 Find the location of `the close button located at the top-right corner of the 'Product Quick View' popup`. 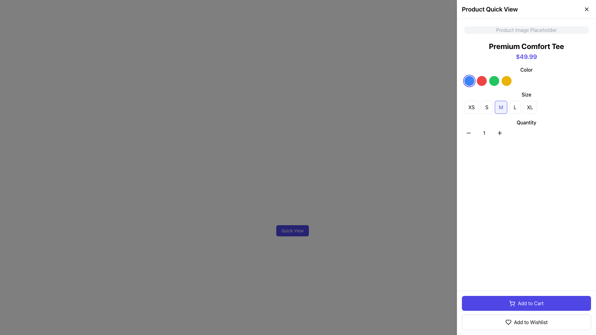

the close button located at the top-right corner of the 'Product Quick View' popup is located at coordinates (586, 9).